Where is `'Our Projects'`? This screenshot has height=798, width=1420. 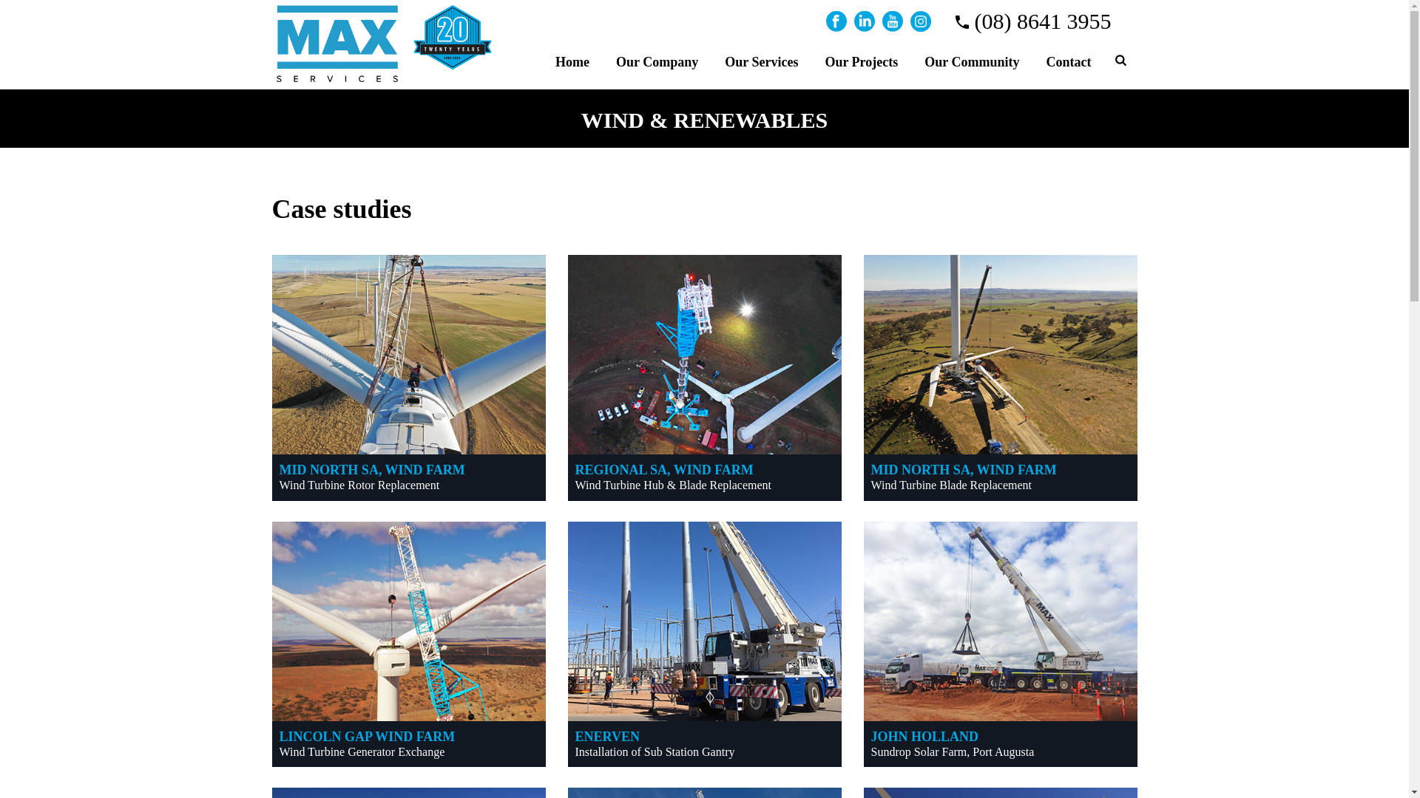 'Our Projects' is located at coordinates (861, 59).